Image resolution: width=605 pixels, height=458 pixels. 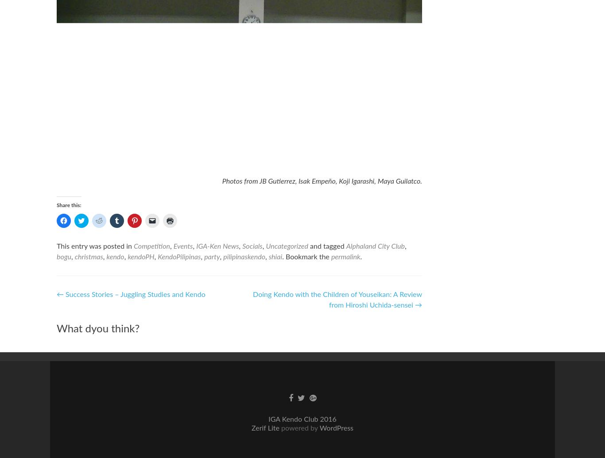 What do you see at coordinates (244, 257) in the screenshot?
I see `'pilipinaskendo'` at bounding box center [244, 257].